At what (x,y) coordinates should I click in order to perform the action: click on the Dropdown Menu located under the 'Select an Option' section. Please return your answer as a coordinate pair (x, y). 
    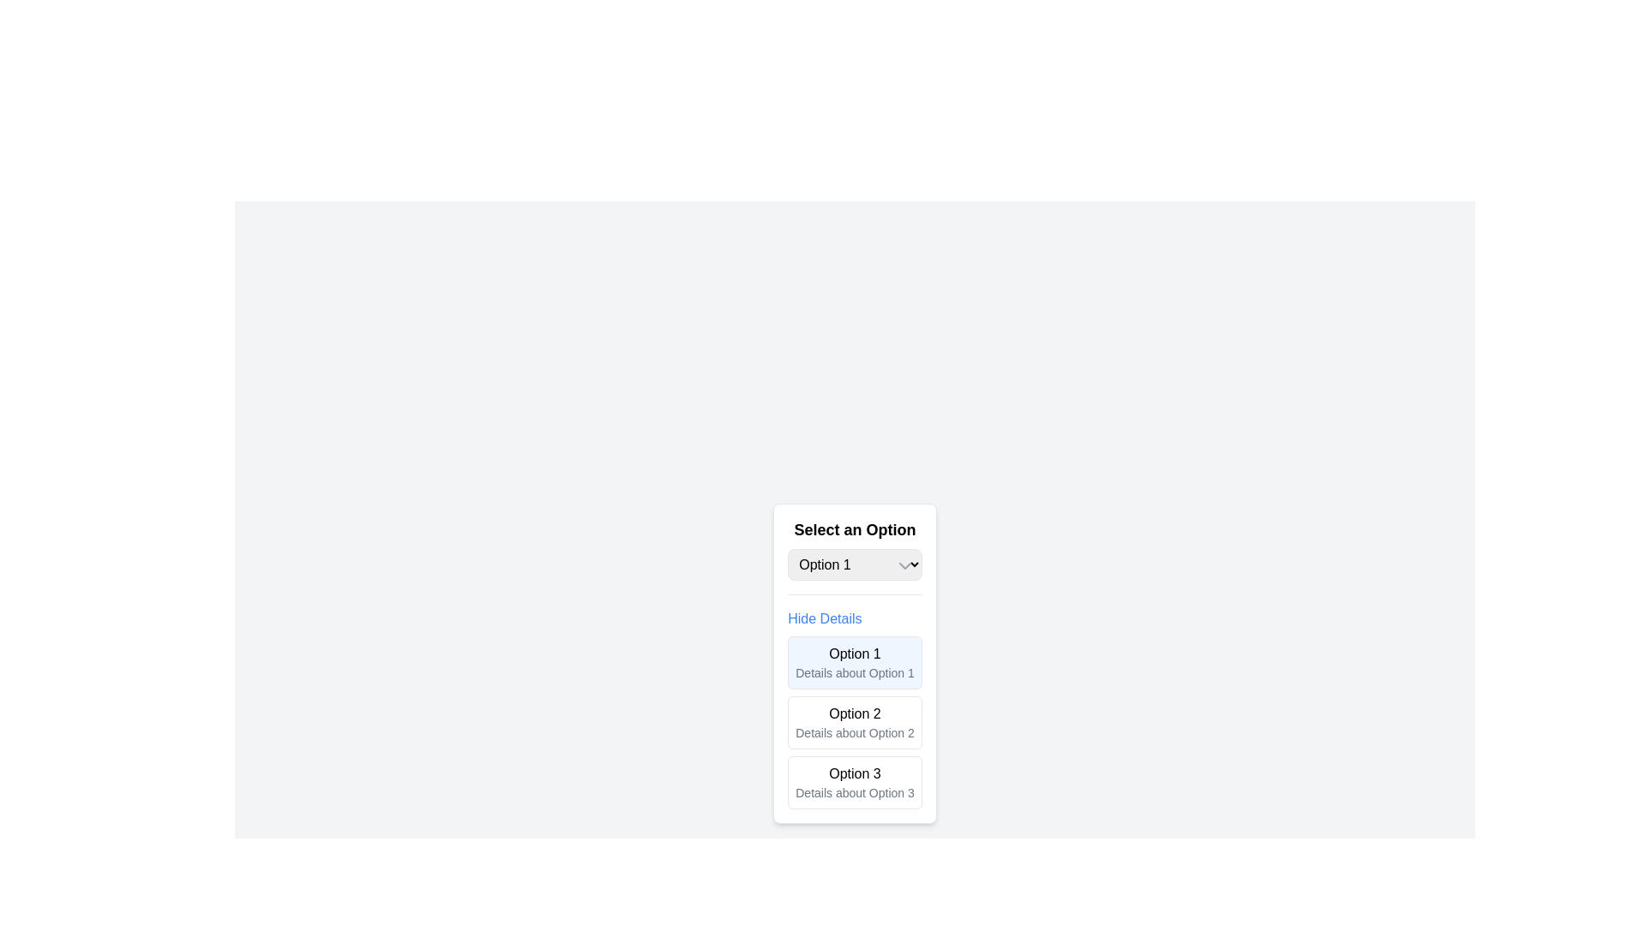
    Looking at the image, I should click on (855, 564).